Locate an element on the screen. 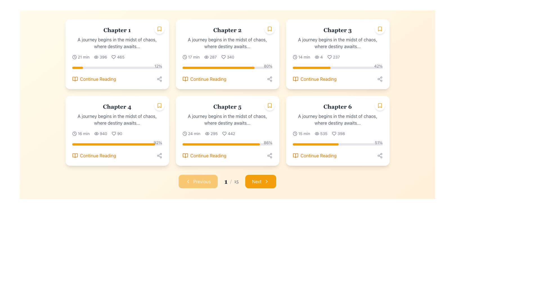 This screenshot has height=304, width=540. the static text display showing '287', located next to the eye icon in the detailed stats section of 'Chapter 2' is located at coordinates (213, 57).